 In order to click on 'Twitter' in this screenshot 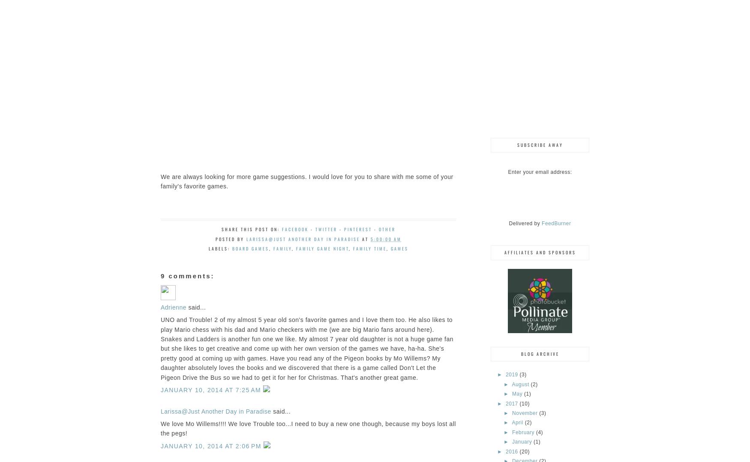, I will do `click(326, 229)`.